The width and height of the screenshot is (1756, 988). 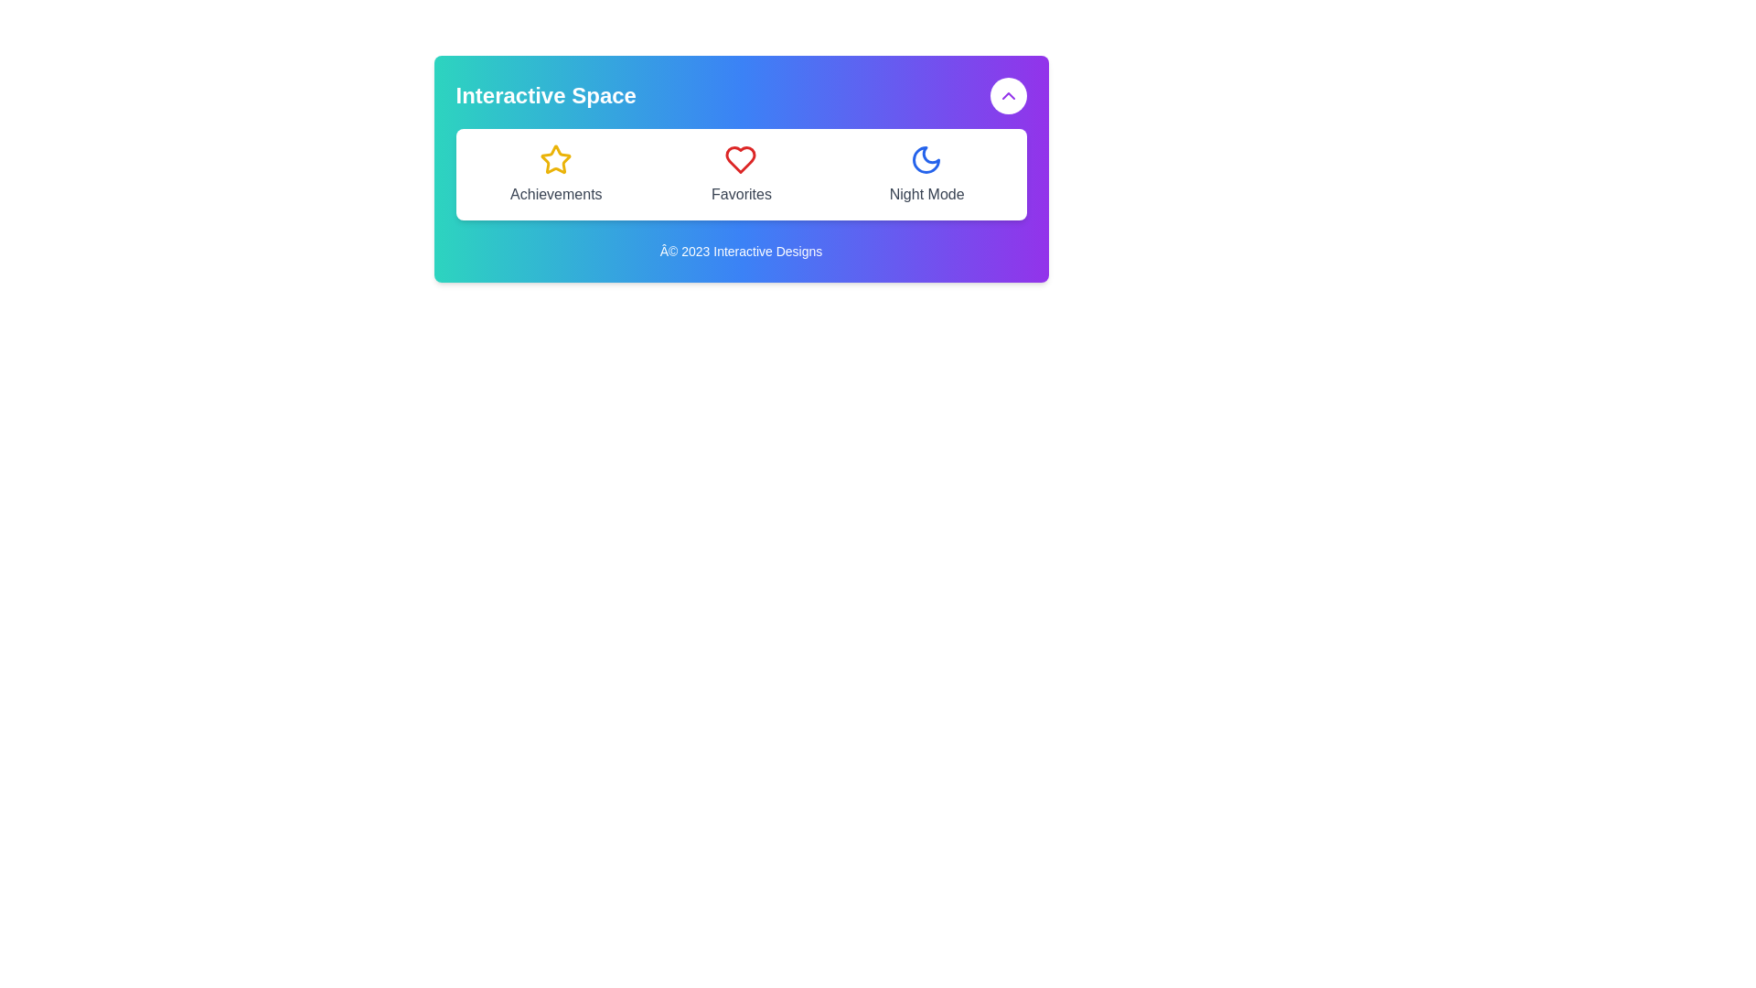 What do you see at coordinates (926, 158) in the screenshot?
I see `the blue moon-shaped icon located in the 'Night Mode' section` at bounding box center [926, 158].